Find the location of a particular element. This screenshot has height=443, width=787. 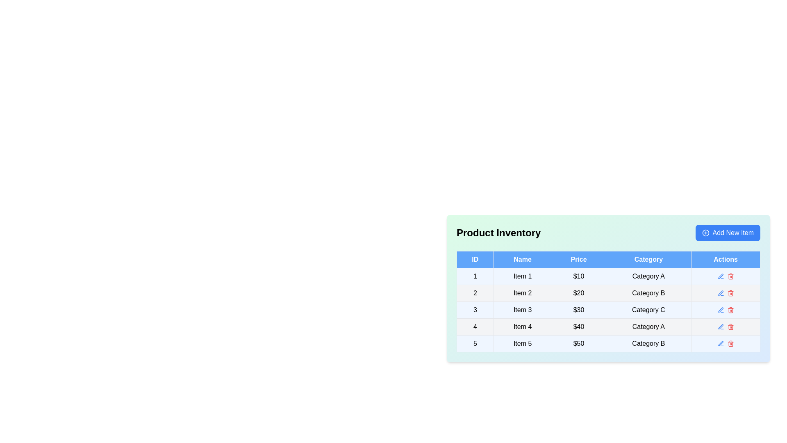

the trash icon, which represents a delete action for an item in the table, to initiate deletion is located at coordinates (730, 327).